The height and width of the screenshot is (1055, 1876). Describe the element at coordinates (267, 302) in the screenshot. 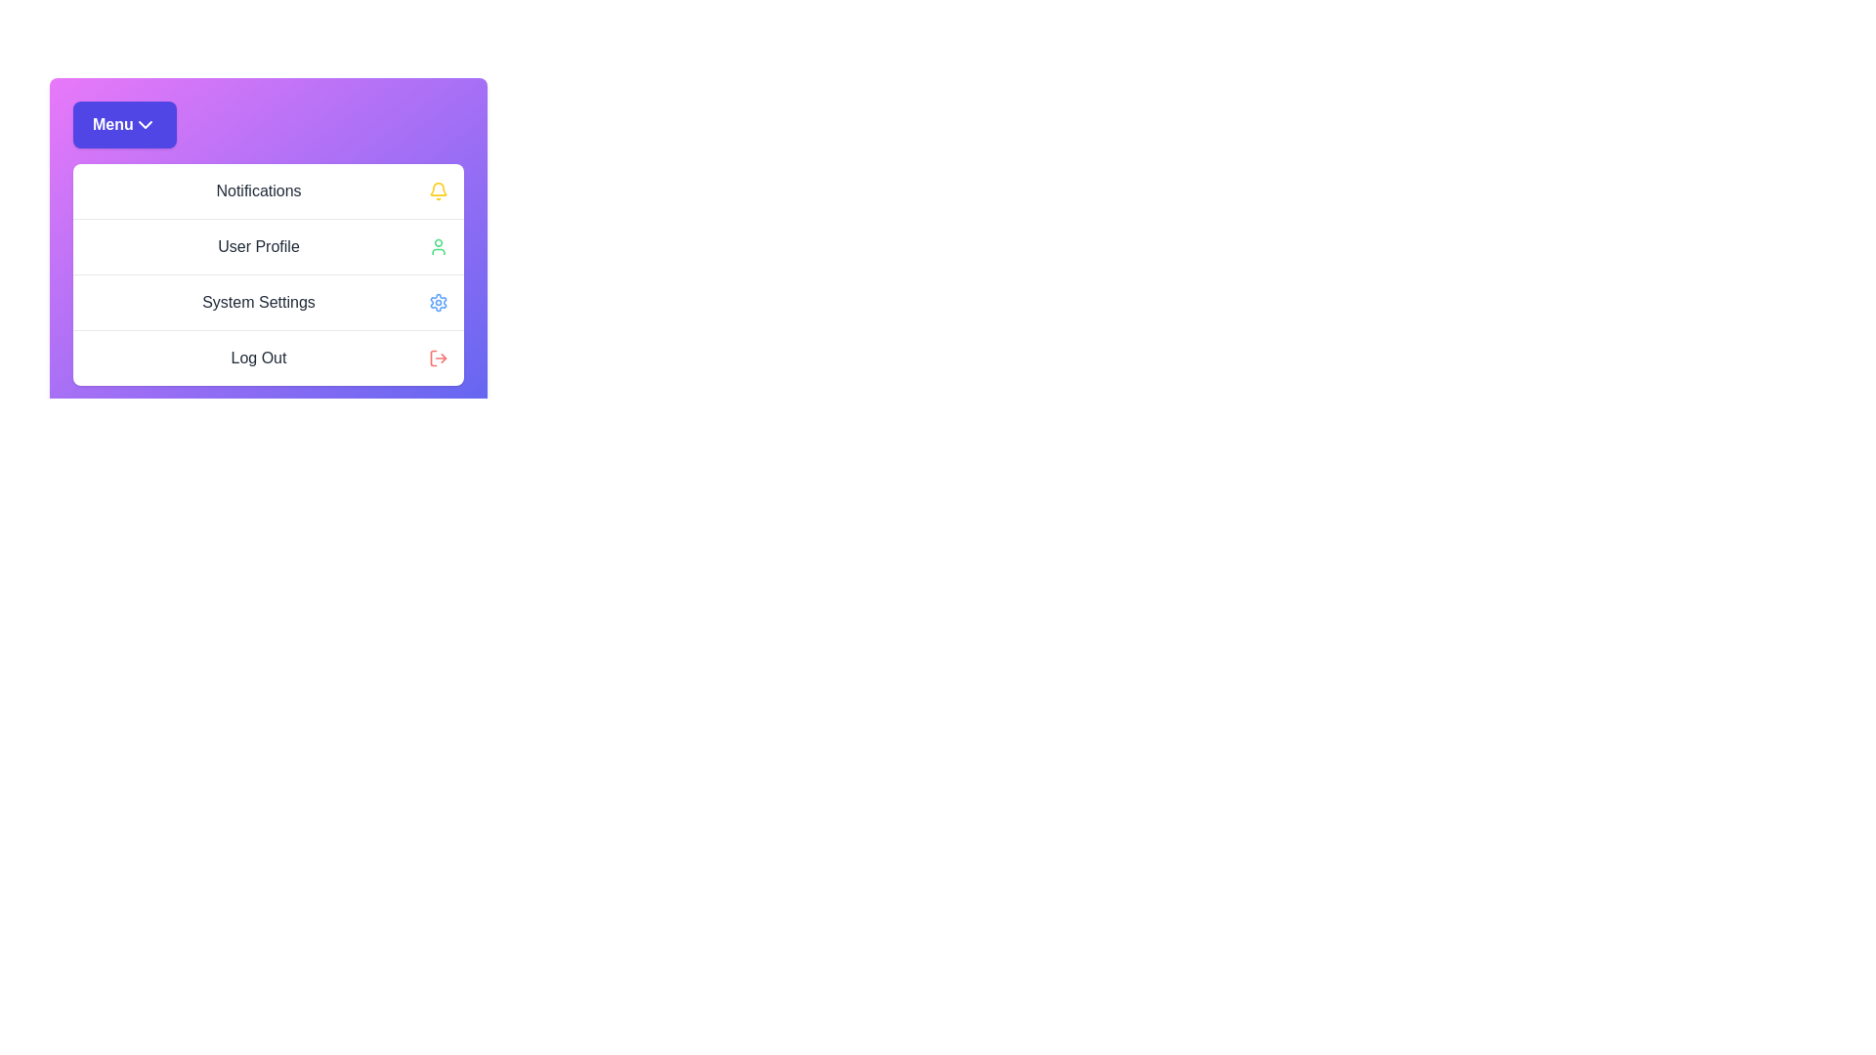

I see `the menu item labeled System Settings` at that location.